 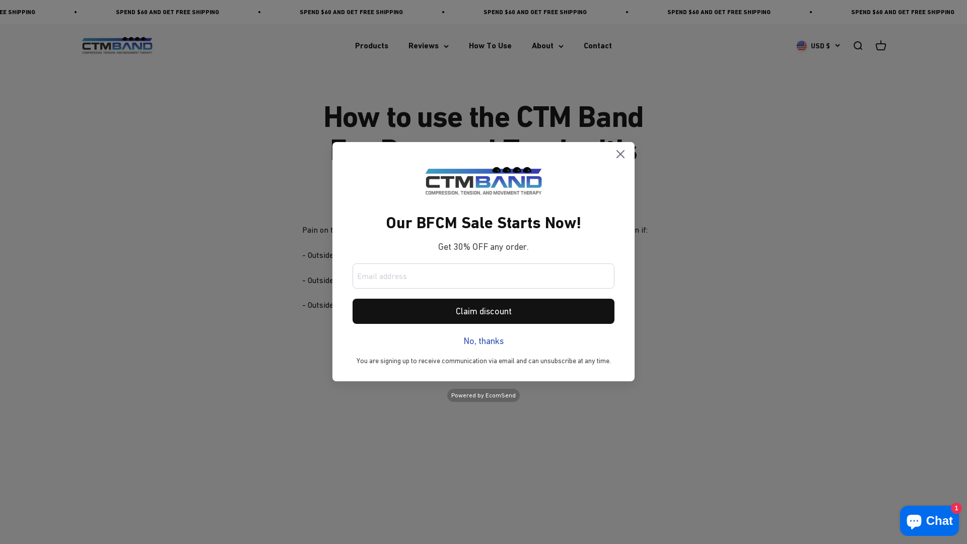 What do you see at coordinates (117, 46) in the screenshot?
I see `'CTM Therapy'` at bounding box center [117, 46].